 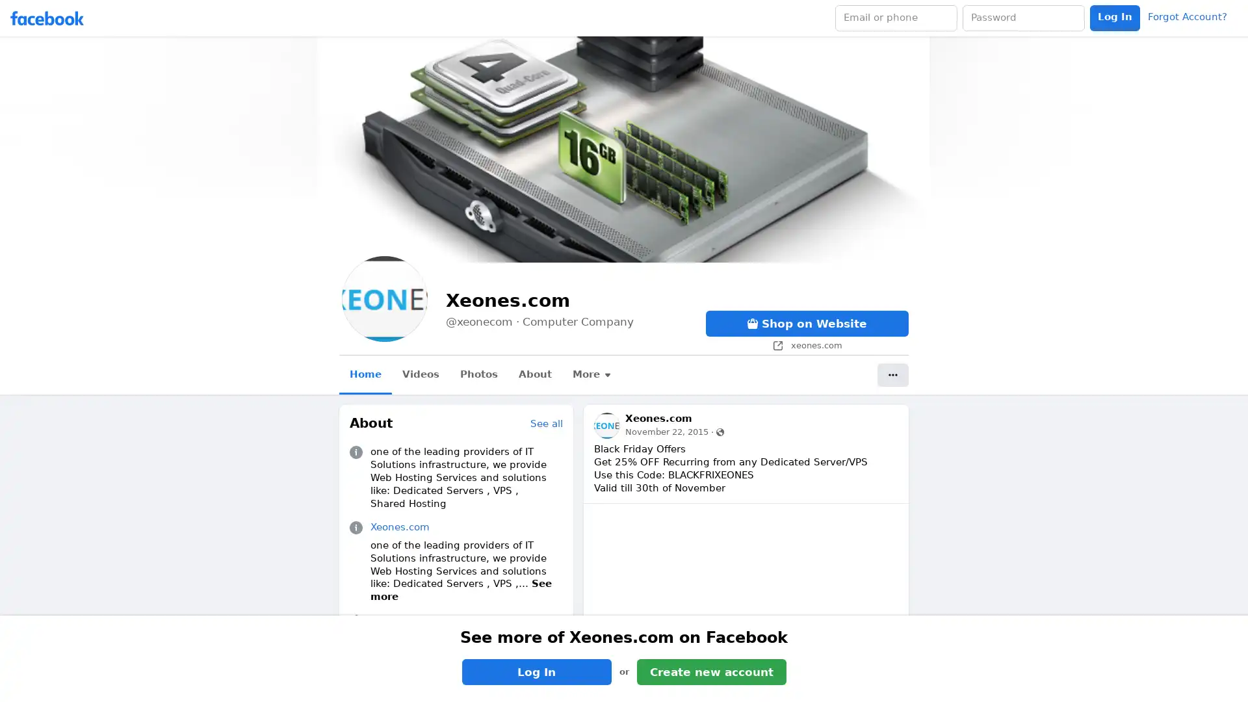 What do you see at coordinates (892, 375) in the screenshot?
I see `More actions` at bounding box center [892, 375].